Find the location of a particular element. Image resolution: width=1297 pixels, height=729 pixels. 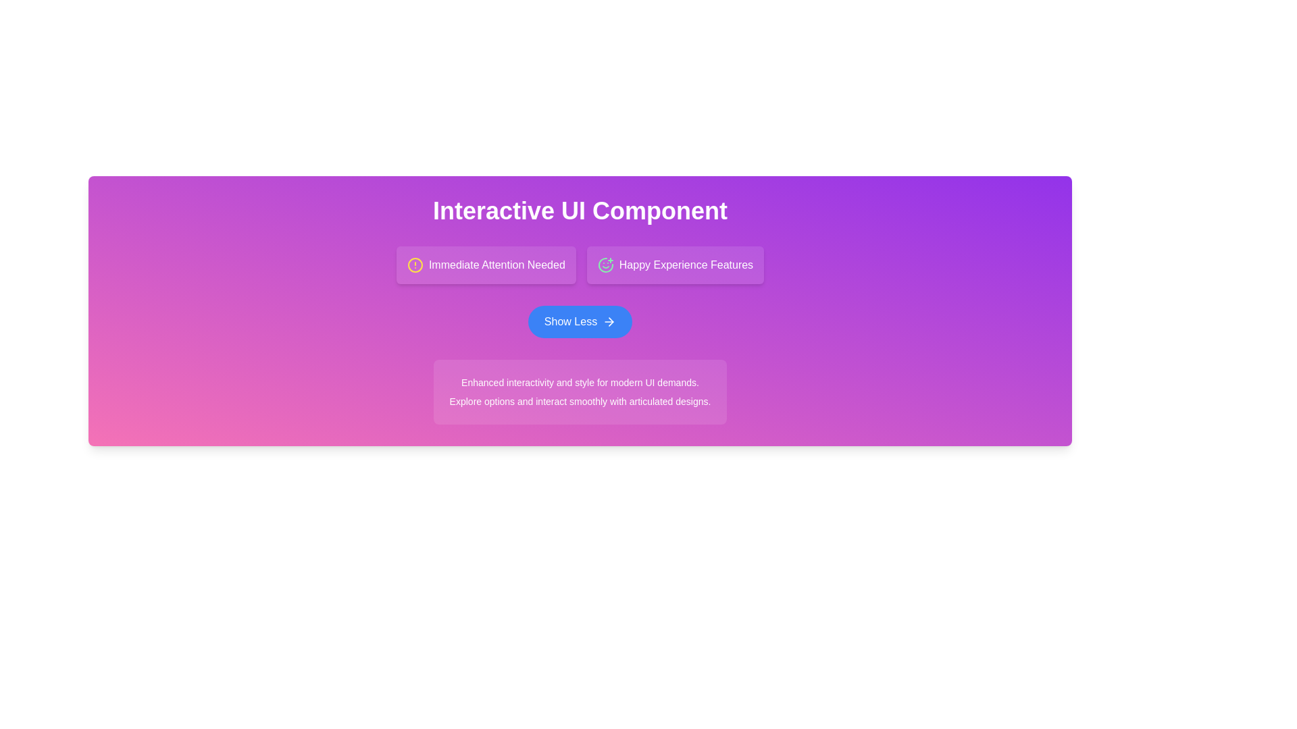

the static text label displaying 'Happy Experience Features', which is positioned below the heading 'Interactive UI Component' and above the 'Show Less' button is located at coordinates (686, 265).